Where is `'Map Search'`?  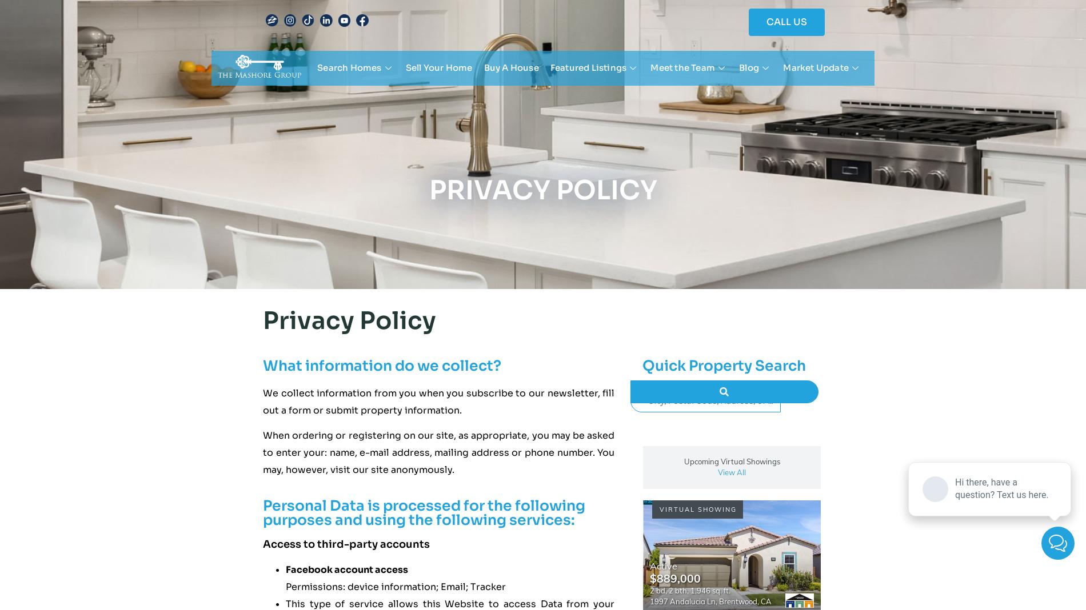
'Map Search' is located at coordinates (345, 94).